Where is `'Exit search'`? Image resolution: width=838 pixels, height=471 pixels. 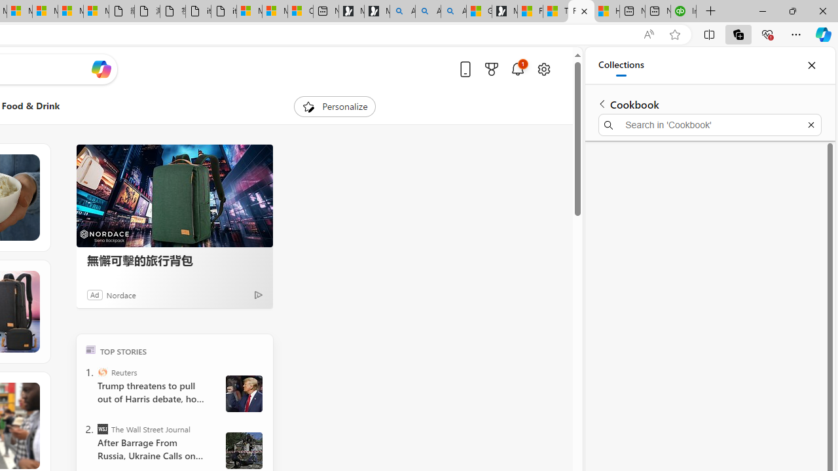 'Exit search' is located at coordinates (811, 125).